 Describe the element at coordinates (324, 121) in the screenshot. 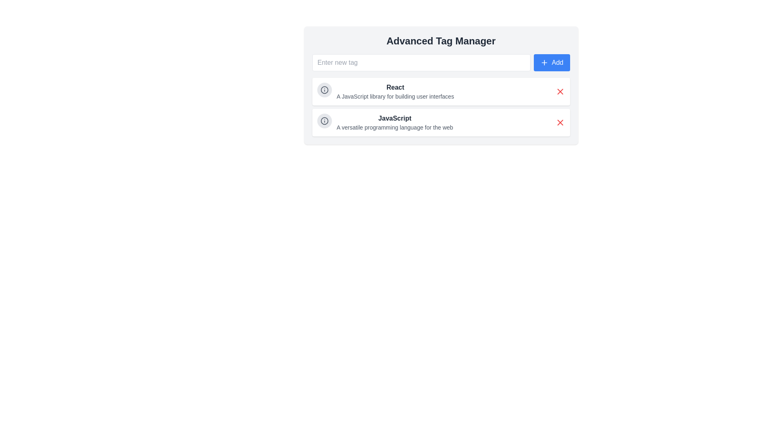

I see `the circular gray Icon button with an 'i' inside, located to the left of the text 'JavaScript' in the second list item` at that location.